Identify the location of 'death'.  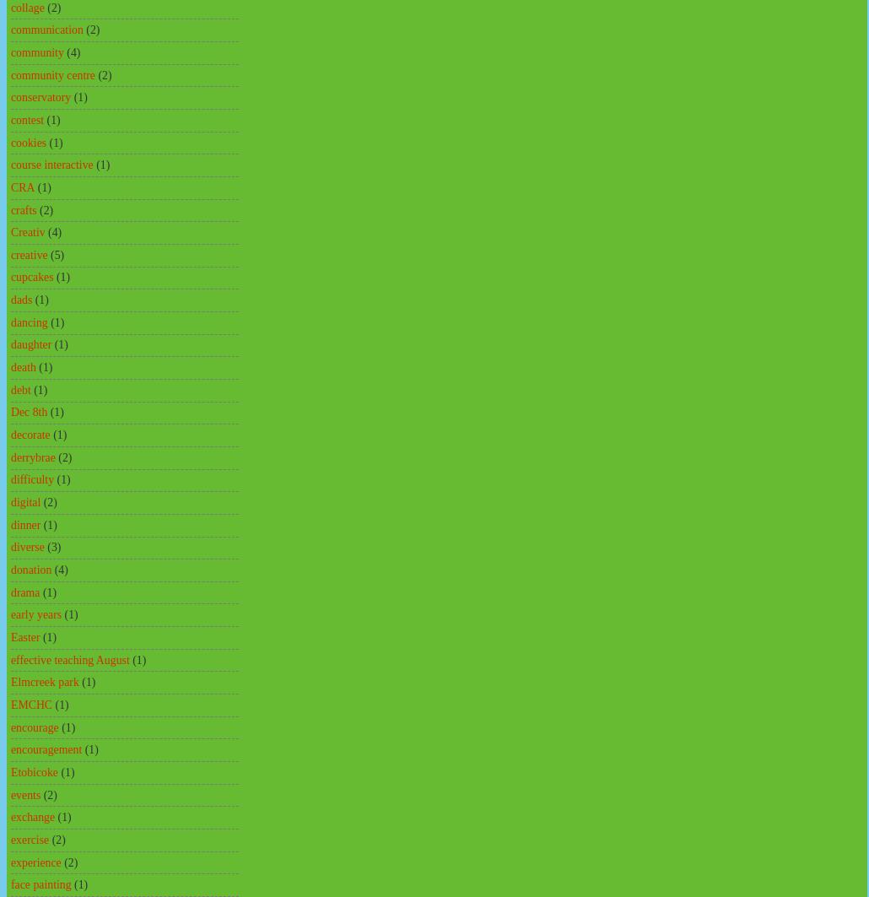
(23, 367).